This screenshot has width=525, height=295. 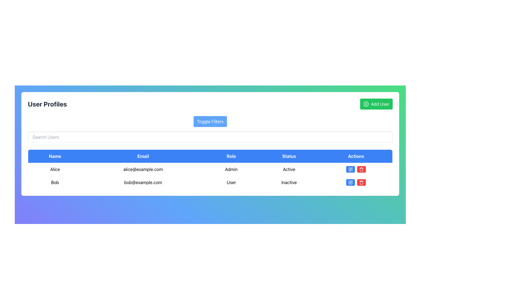 What do you see at coordinates (356, 156) in the screenshot?
I see `the table header labeled 'Actions', which has a blue background and white text, located in the fifth column of the user profiles table` at bounding box center [356, 156].